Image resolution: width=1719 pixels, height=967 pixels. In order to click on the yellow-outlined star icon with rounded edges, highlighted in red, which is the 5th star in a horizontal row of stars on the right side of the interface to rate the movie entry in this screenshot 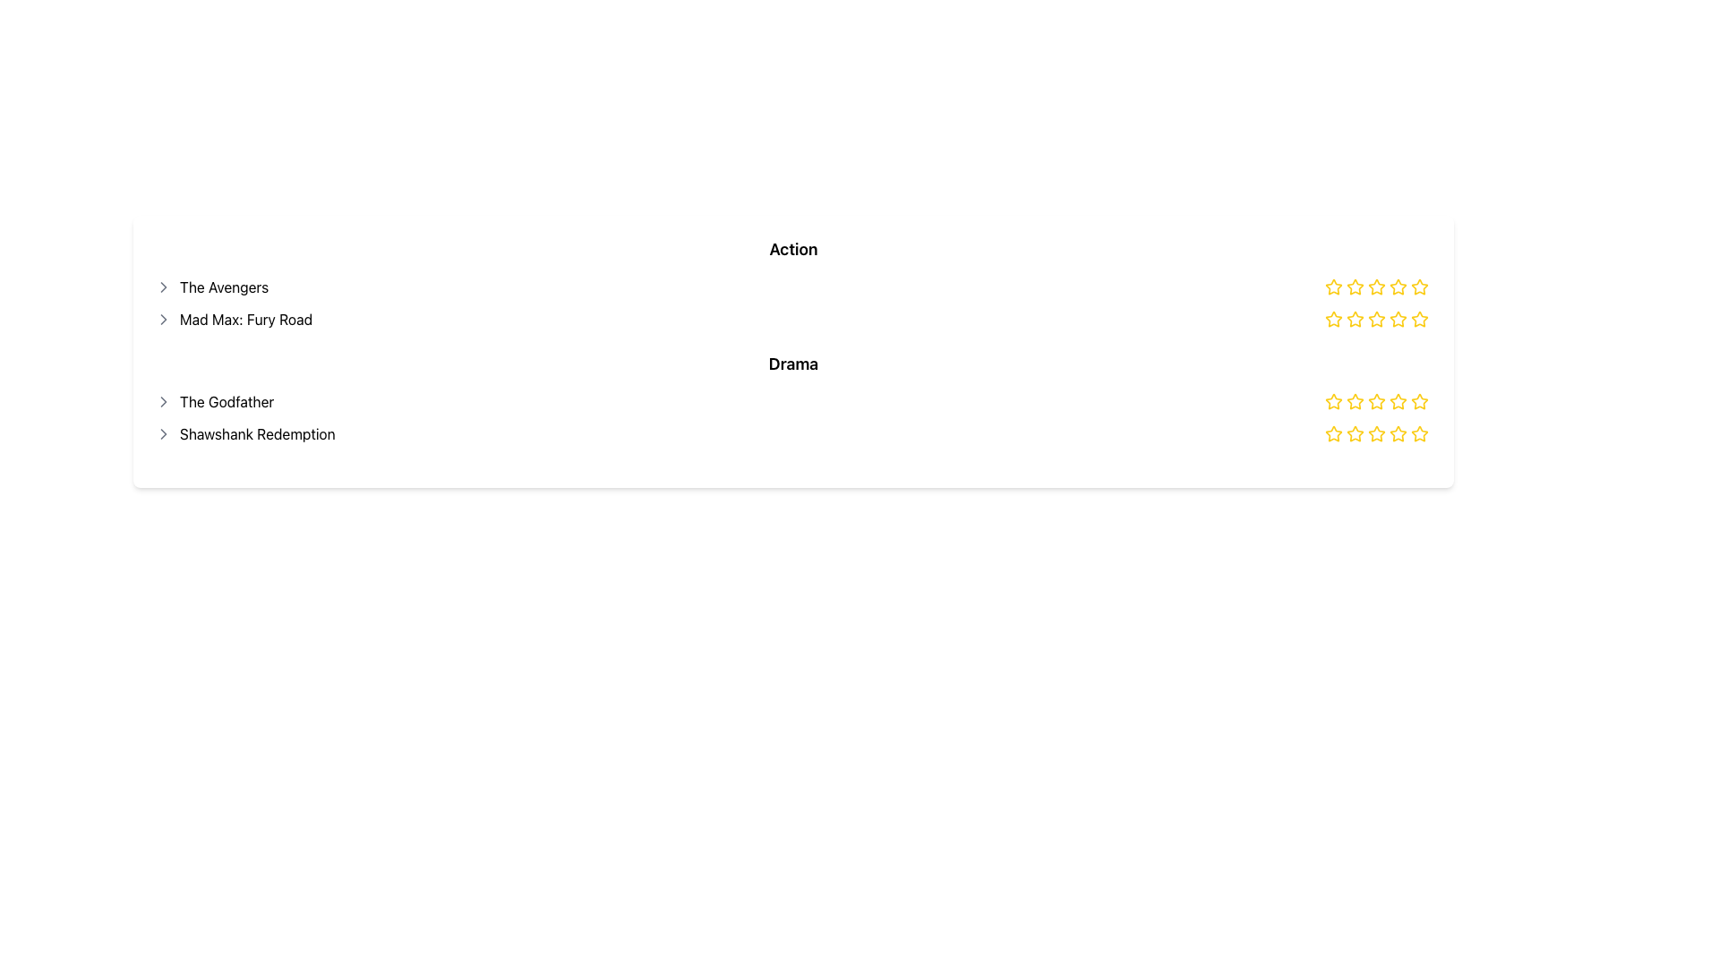, I will do `click(1397, 400)`.